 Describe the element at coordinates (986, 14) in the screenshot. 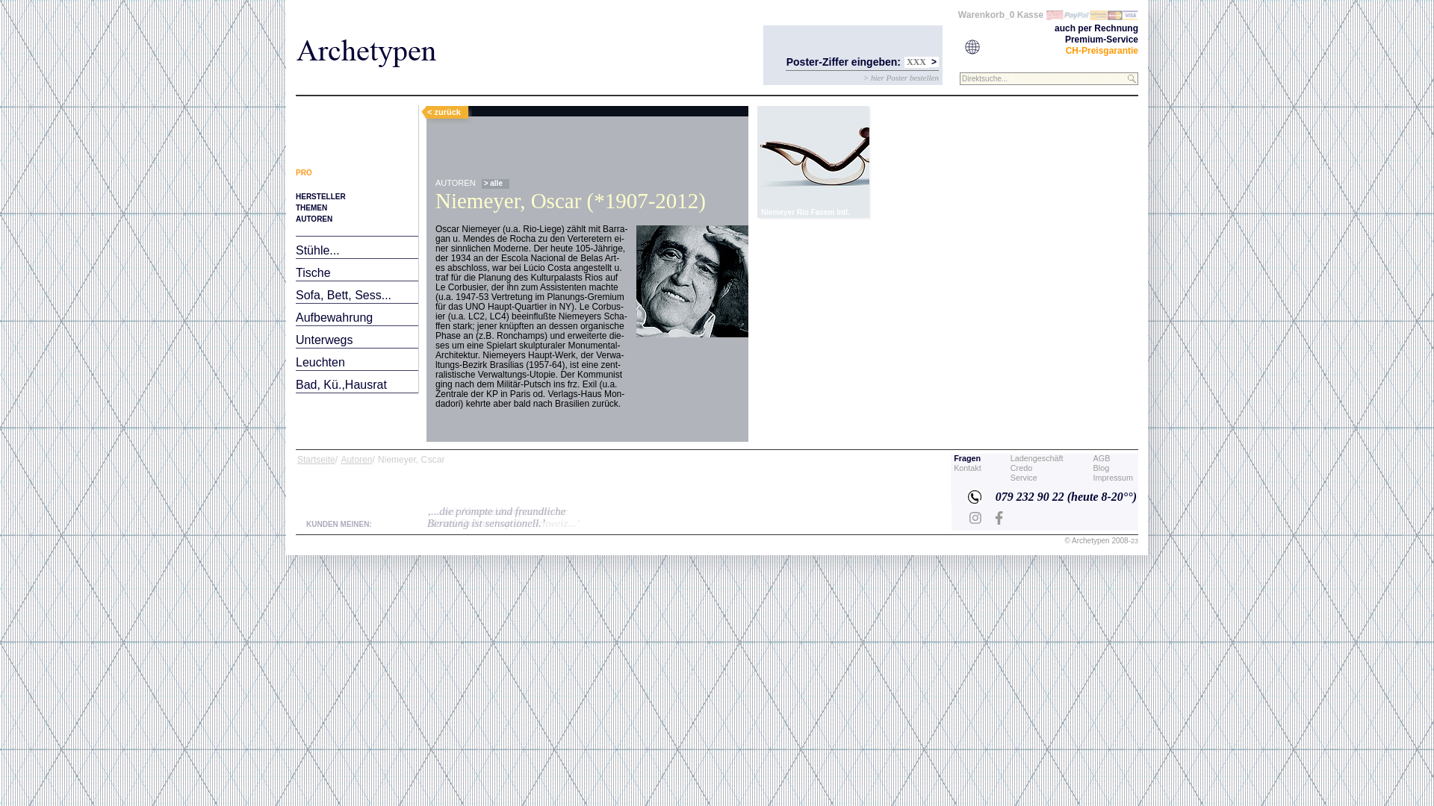

I see `'Warenkorb_0'` at that location.